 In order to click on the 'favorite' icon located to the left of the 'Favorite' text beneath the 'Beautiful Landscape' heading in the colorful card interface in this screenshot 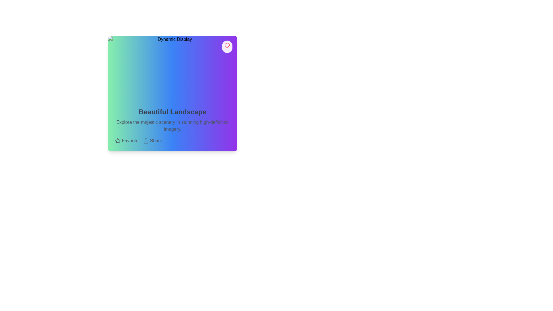, I will do `click(117, 141)`.